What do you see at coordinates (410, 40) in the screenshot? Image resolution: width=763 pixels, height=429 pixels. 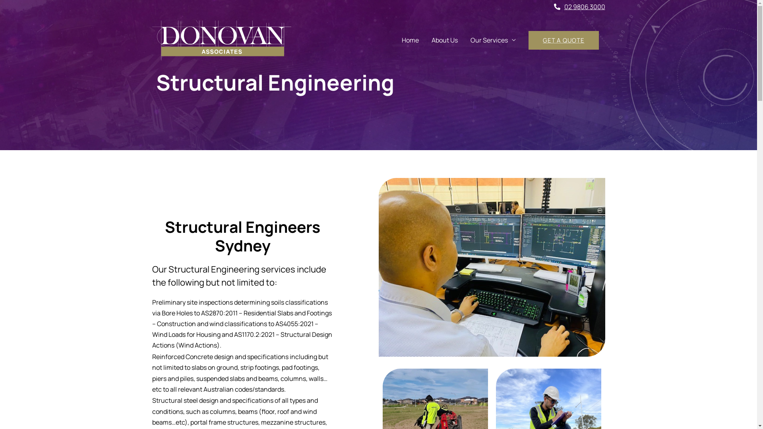 I see `'Home'` at bounding box center [410, 40].